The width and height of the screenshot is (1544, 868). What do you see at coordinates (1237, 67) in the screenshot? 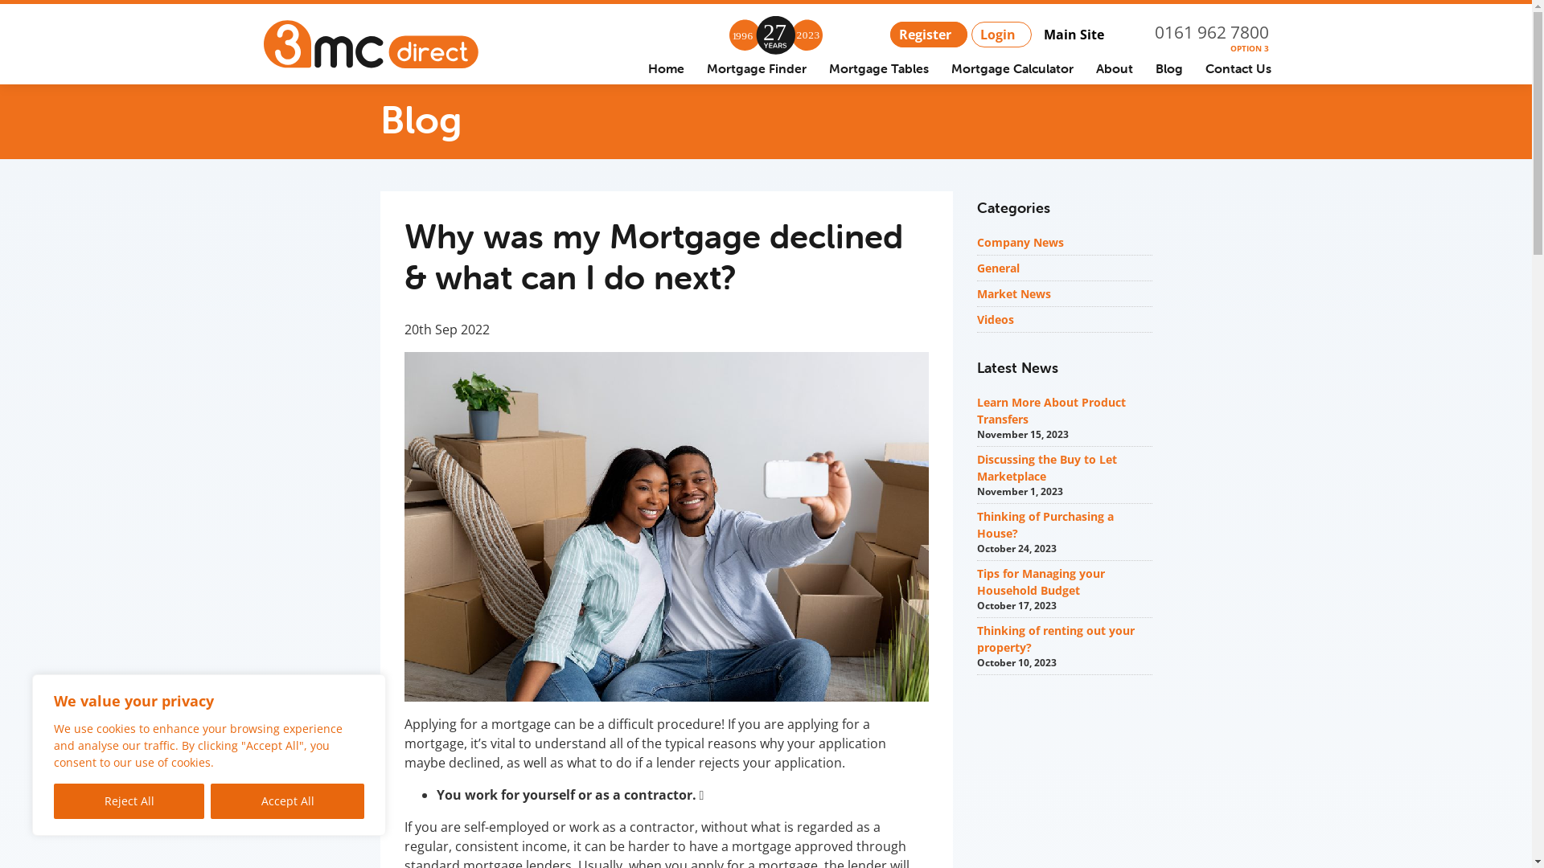
I see `'Contact Us'` at bounding box center [1237, 67].